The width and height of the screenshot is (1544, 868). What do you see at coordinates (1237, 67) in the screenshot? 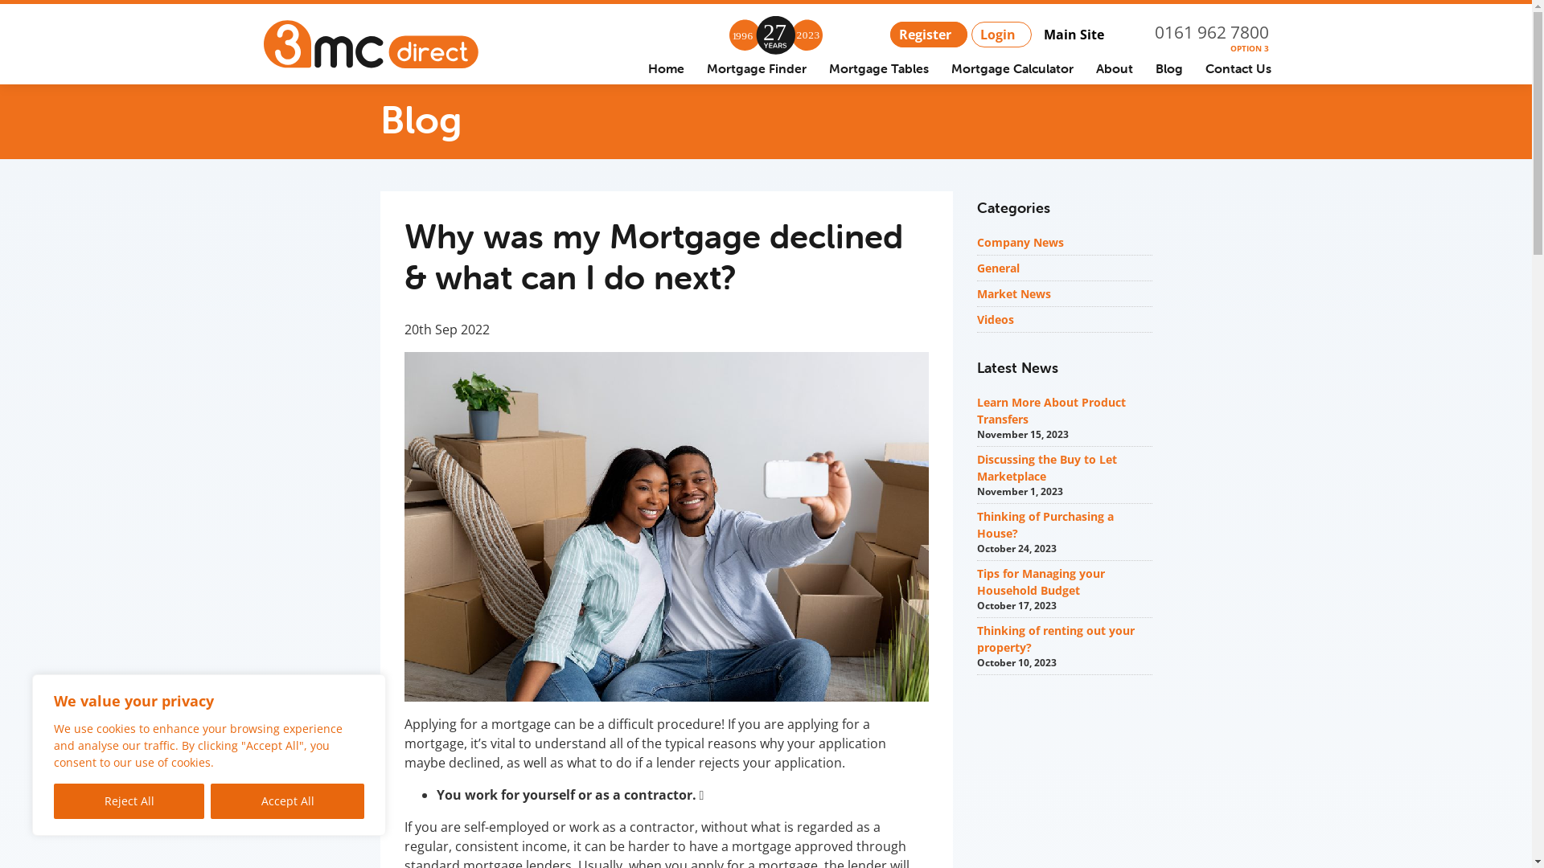
I see `'Contact Us'` at bounding box center [1237, 67].